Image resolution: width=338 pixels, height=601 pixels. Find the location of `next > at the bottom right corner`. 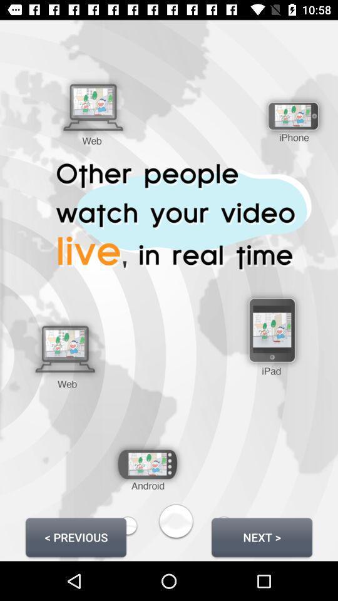

next > at the bottom right corner is located at coordinates (261, 537).